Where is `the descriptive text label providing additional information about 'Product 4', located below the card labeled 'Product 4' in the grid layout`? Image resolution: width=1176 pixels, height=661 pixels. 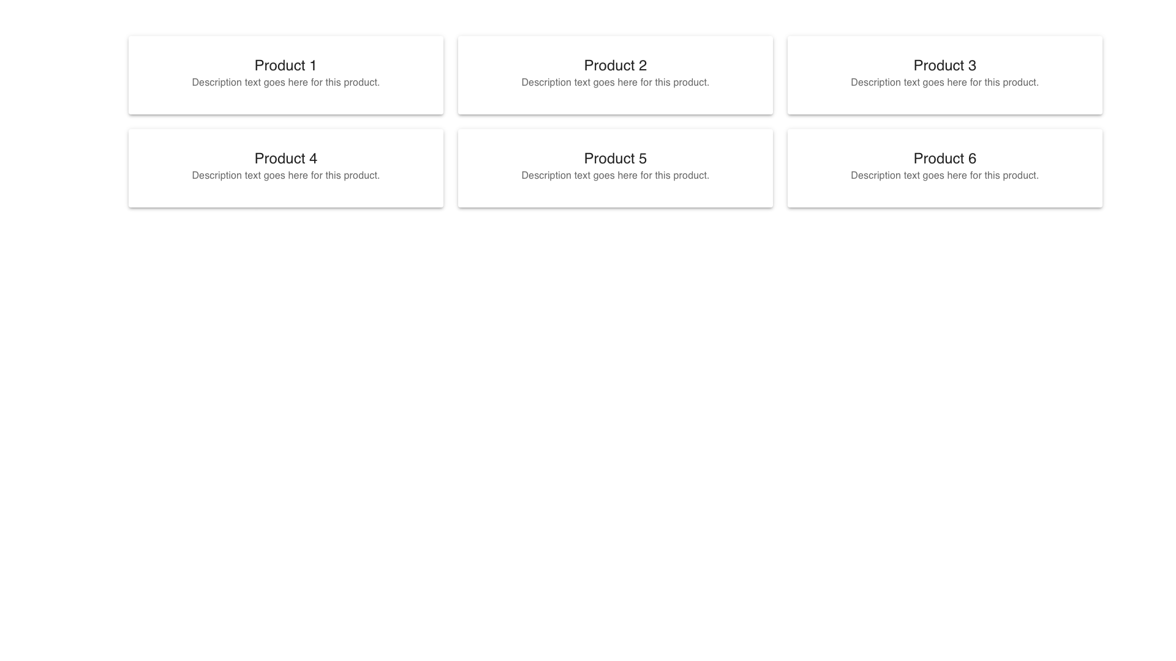 the descriptive text label providing additional information about 'Product 4', located below the card labeled 'Product 4' in the grid layout is located at coordinates (285, 176).